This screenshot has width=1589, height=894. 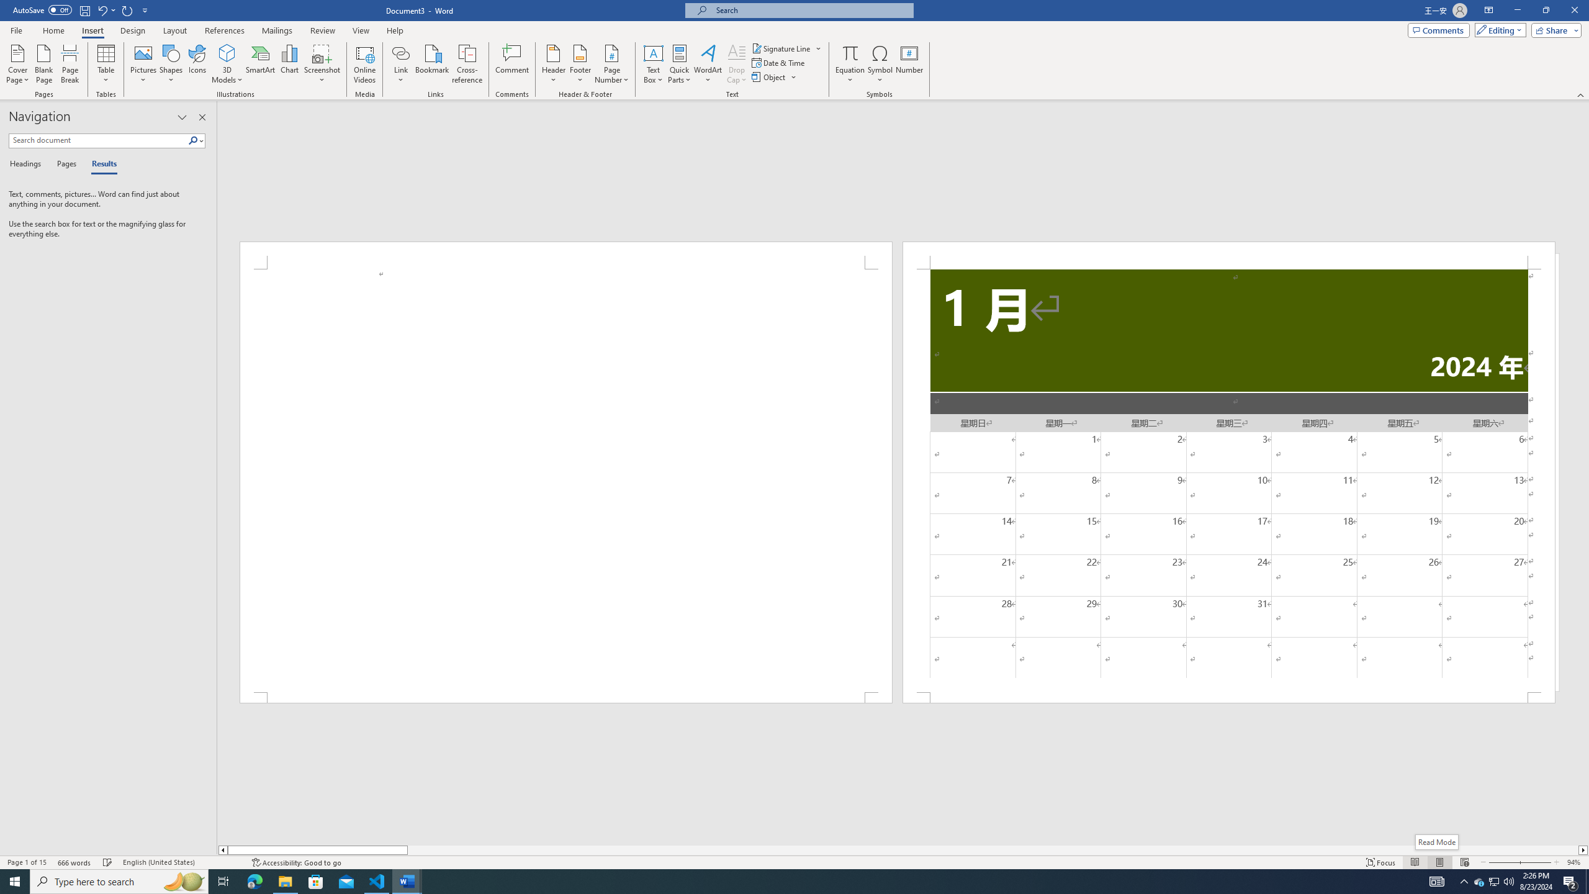 I want to click on 'Equation', so click(x=850, y=52).